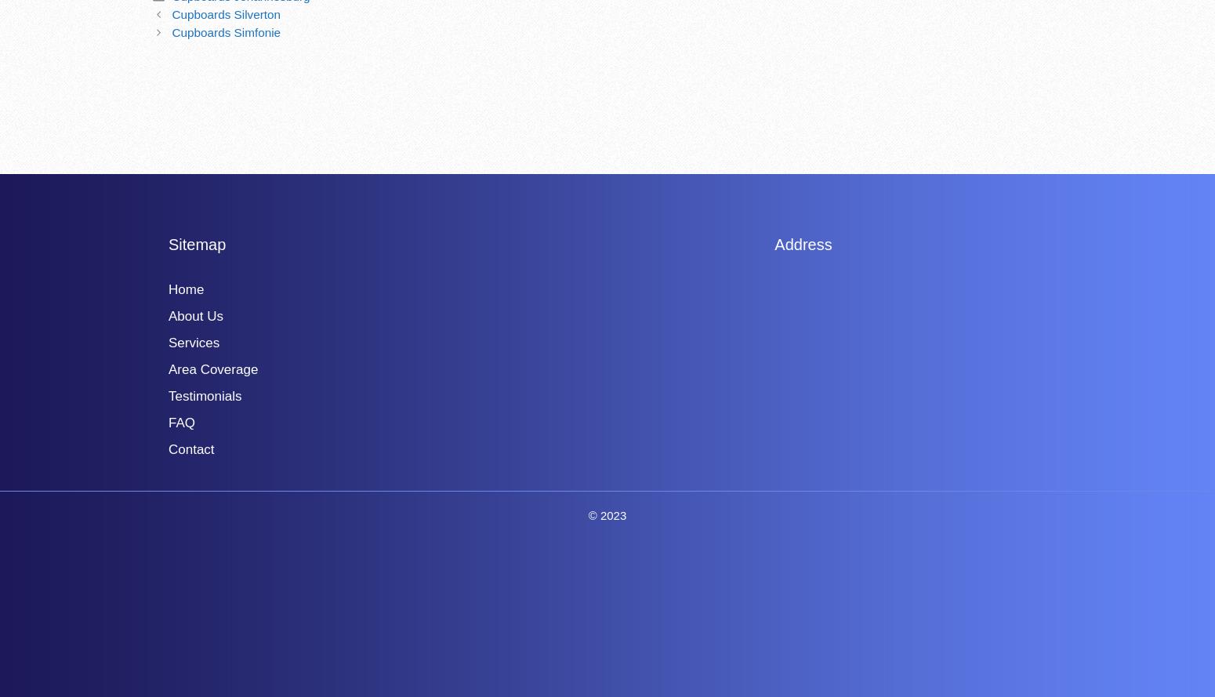  I want to click on 'Sitemap', so click(167, 243).